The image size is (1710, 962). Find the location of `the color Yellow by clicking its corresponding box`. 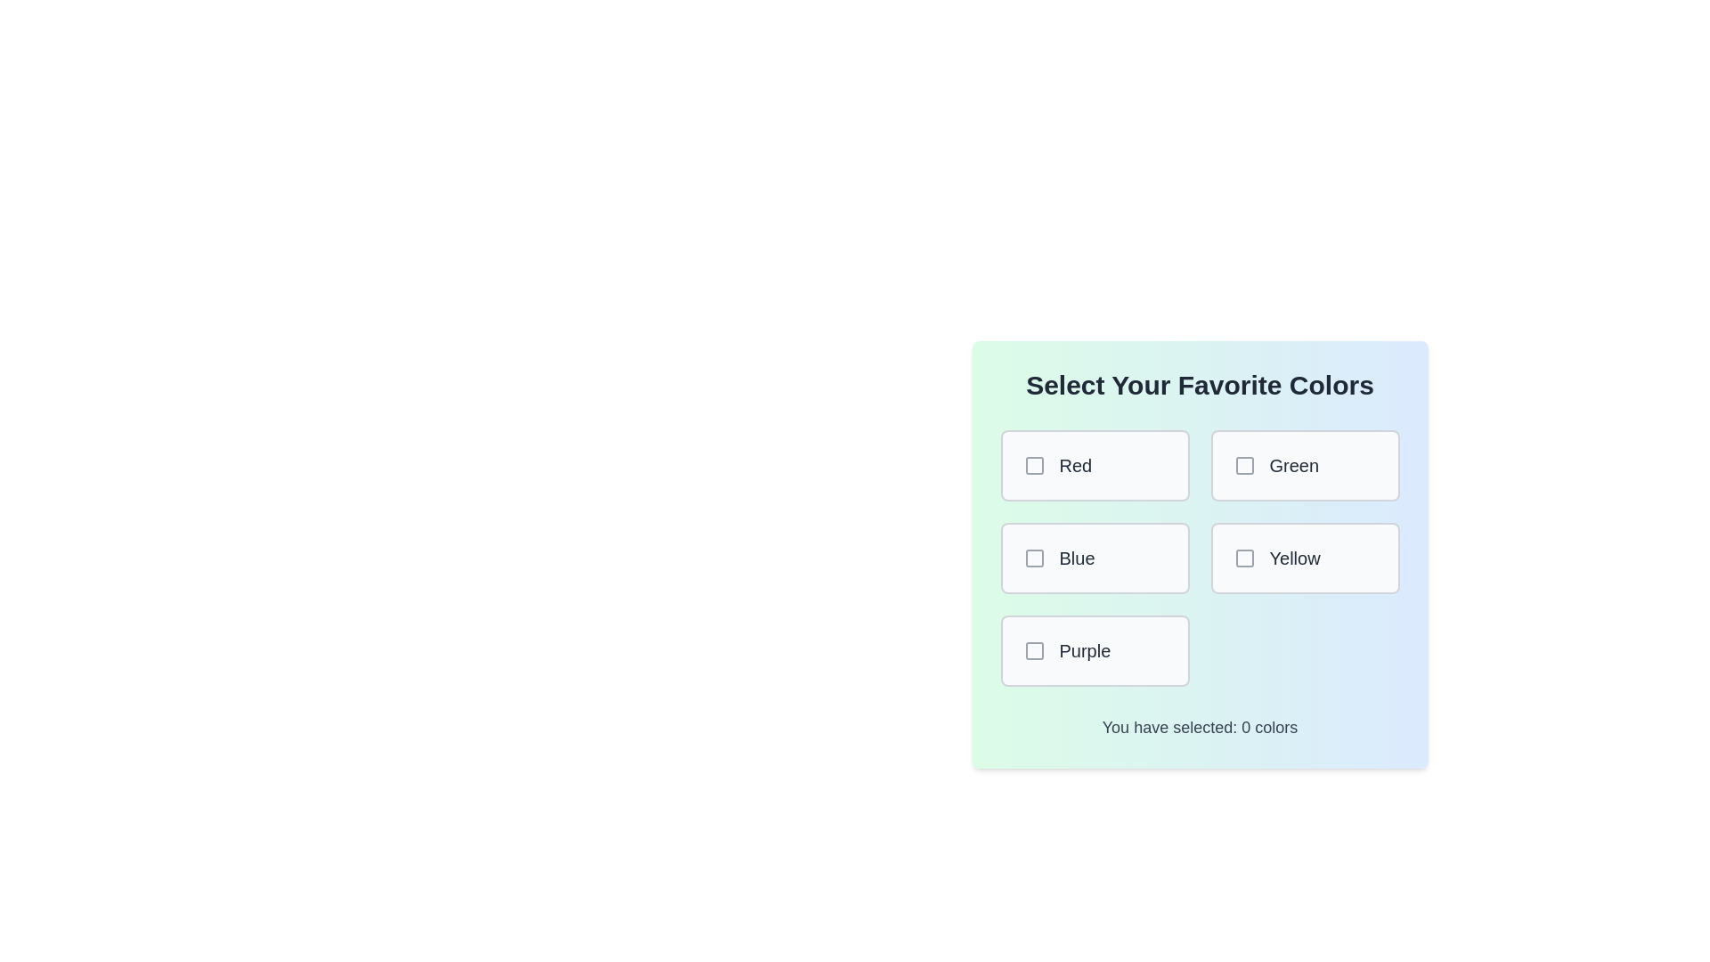

the color Yellow by clicking its corresponding box is located at coordinates (1305, 558).